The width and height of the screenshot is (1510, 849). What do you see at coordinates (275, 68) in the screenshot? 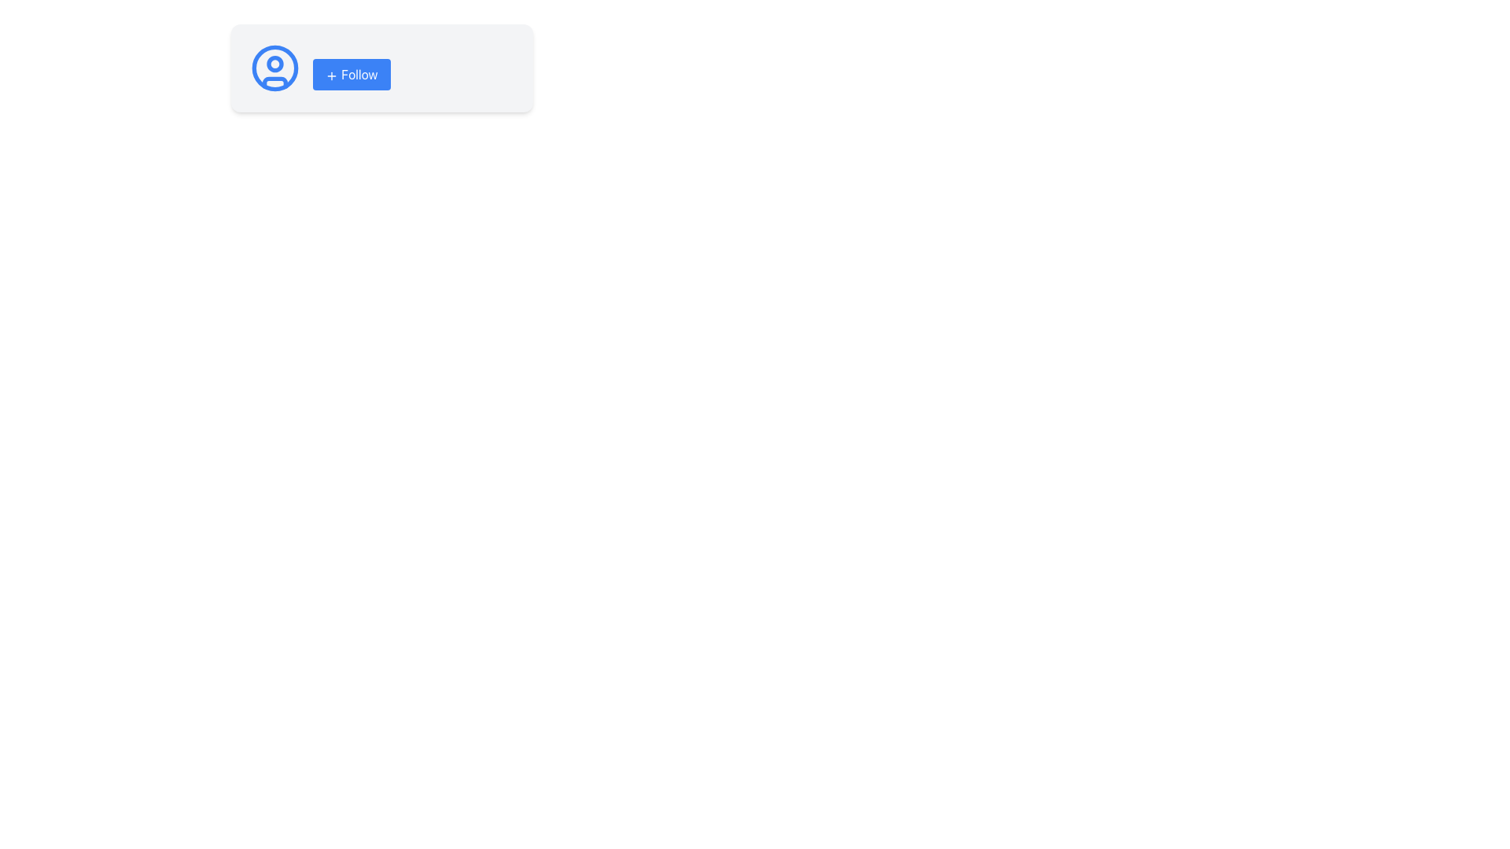
I see `the user profile icon located on the left side of the rectangular block with a light background, adjacent to the '+ Follow' button` at bounding box center [275, 68].